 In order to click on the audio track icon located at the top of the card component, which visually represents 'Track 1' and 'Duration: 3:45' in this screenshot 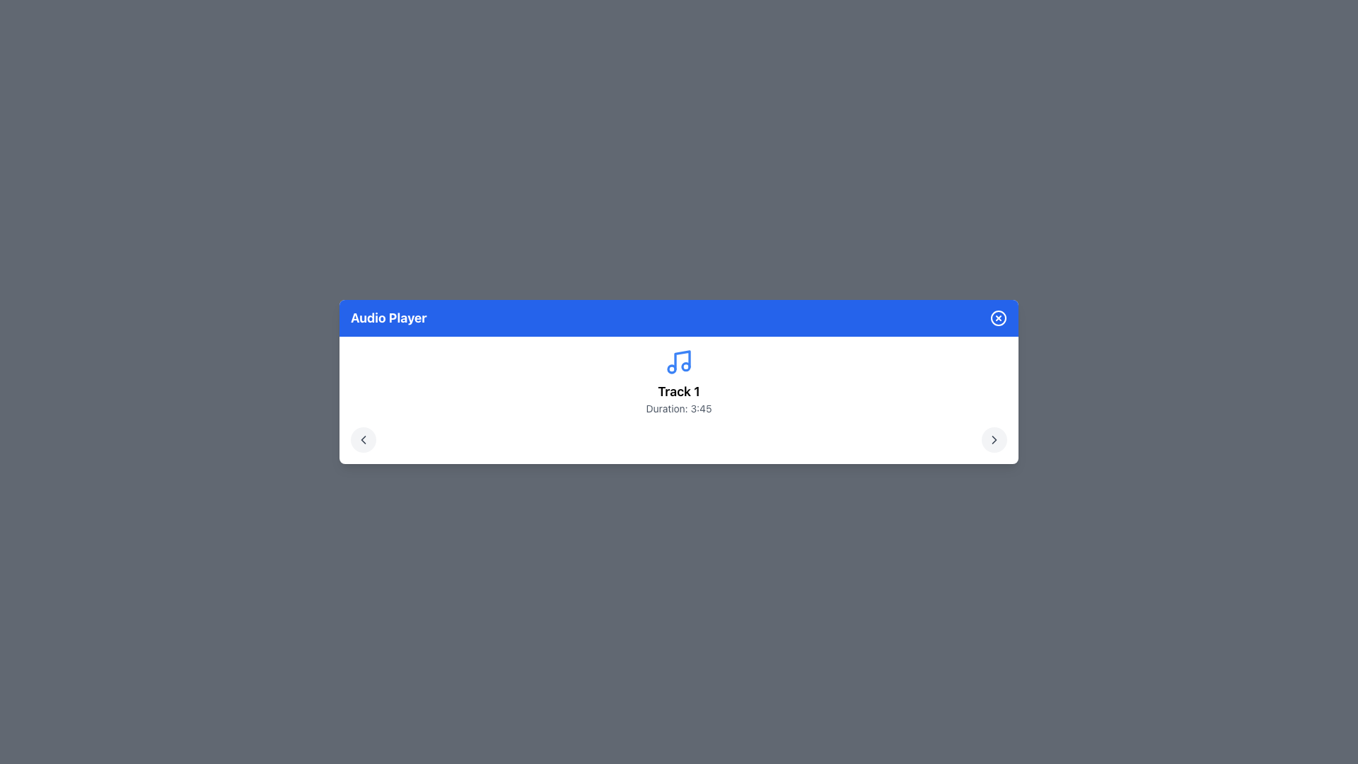, I will do `click(679, 361)`.